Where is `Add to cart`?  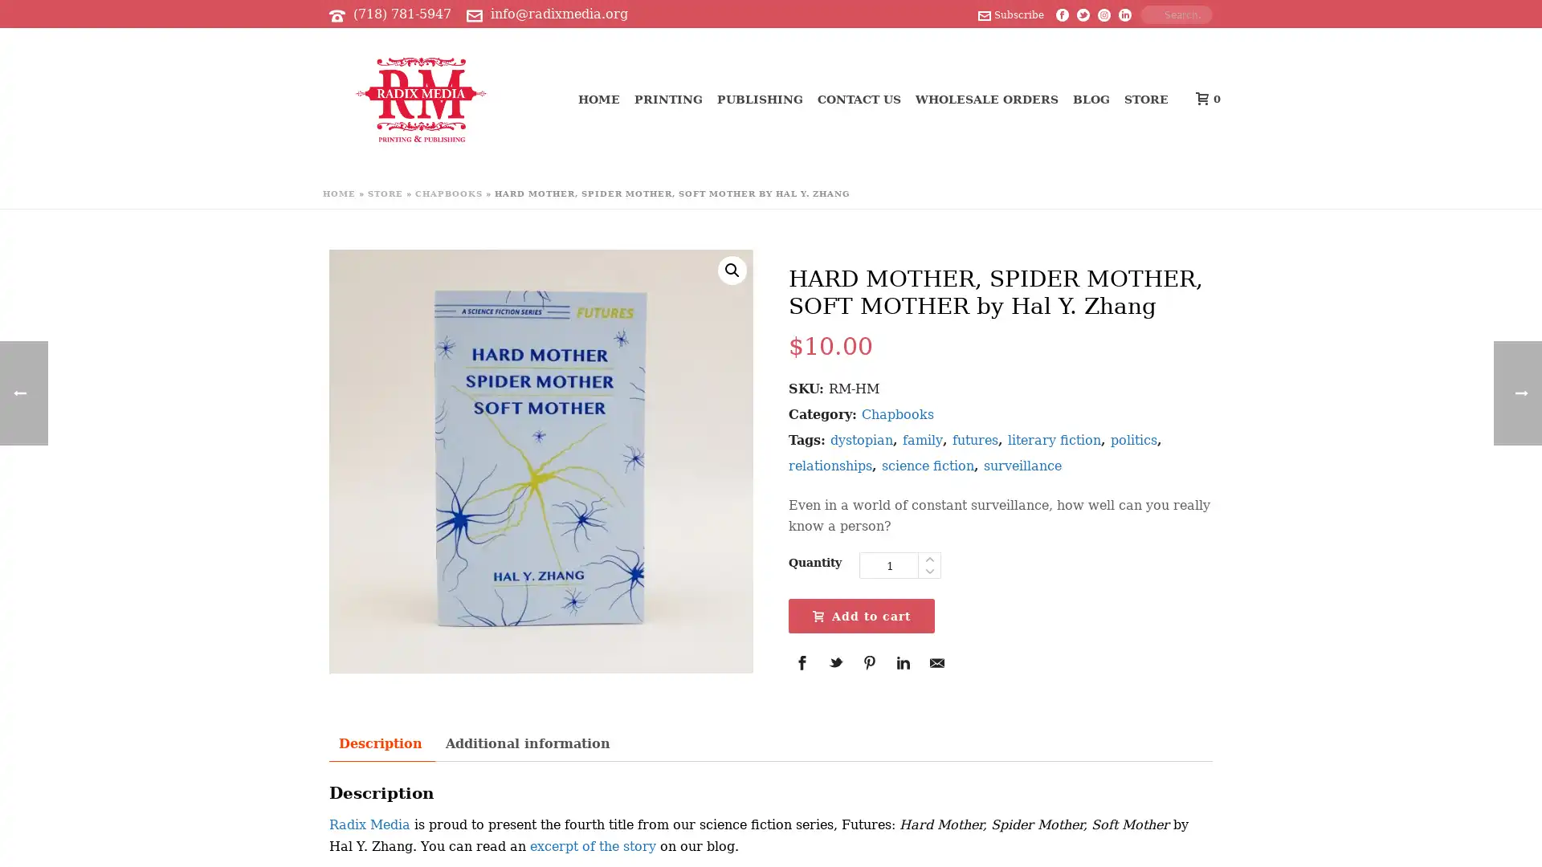 Add to cart is located at coordinates (861, 615).